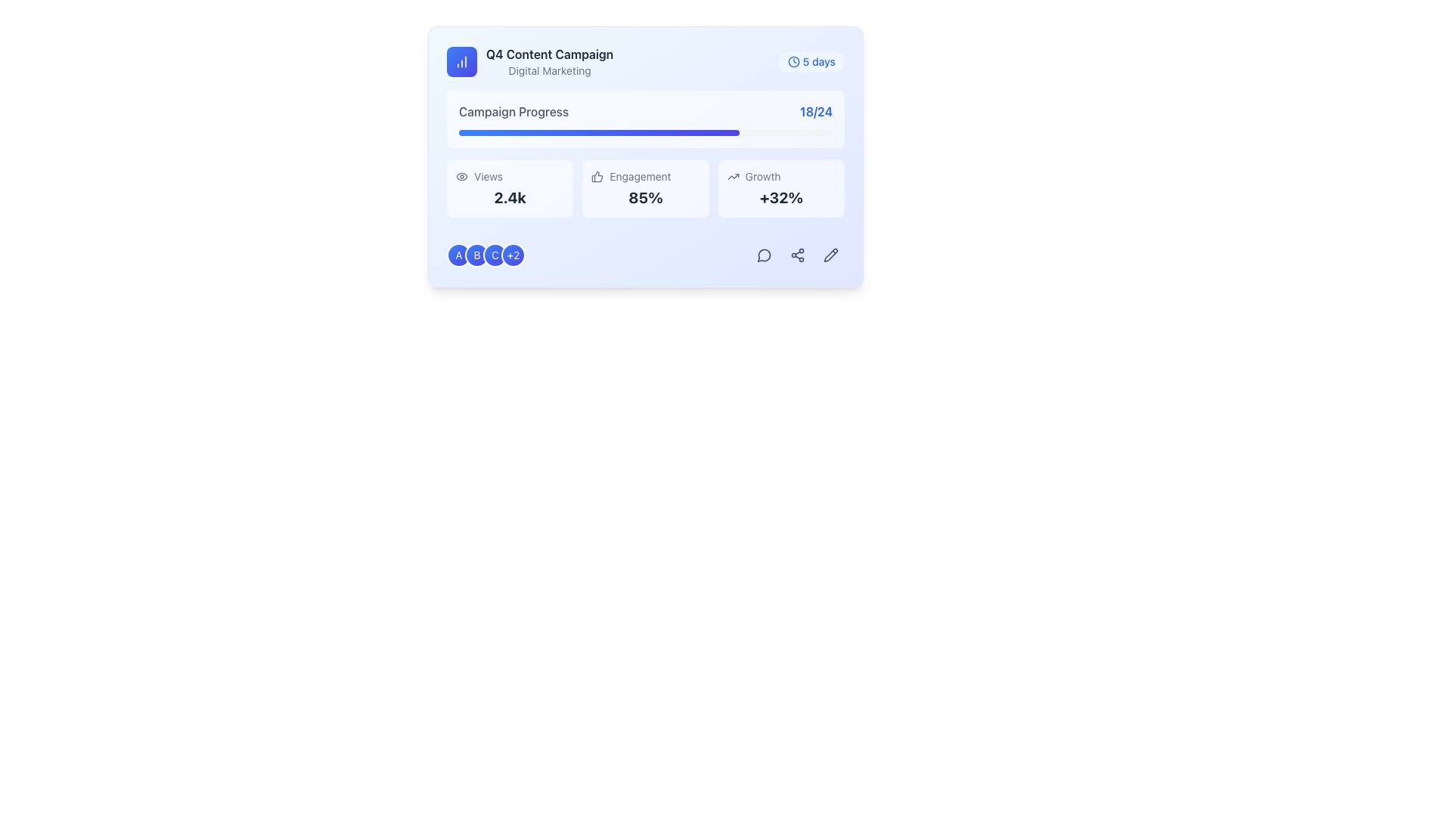 The width and height of the screenshot is (1452, 816). I want to click on the 'Engagement' text label, which is styled in a small-size font and is positioned under a progress bar, above a percentage value, and adjacent to a thumbs-up icon, so click(640, 176).